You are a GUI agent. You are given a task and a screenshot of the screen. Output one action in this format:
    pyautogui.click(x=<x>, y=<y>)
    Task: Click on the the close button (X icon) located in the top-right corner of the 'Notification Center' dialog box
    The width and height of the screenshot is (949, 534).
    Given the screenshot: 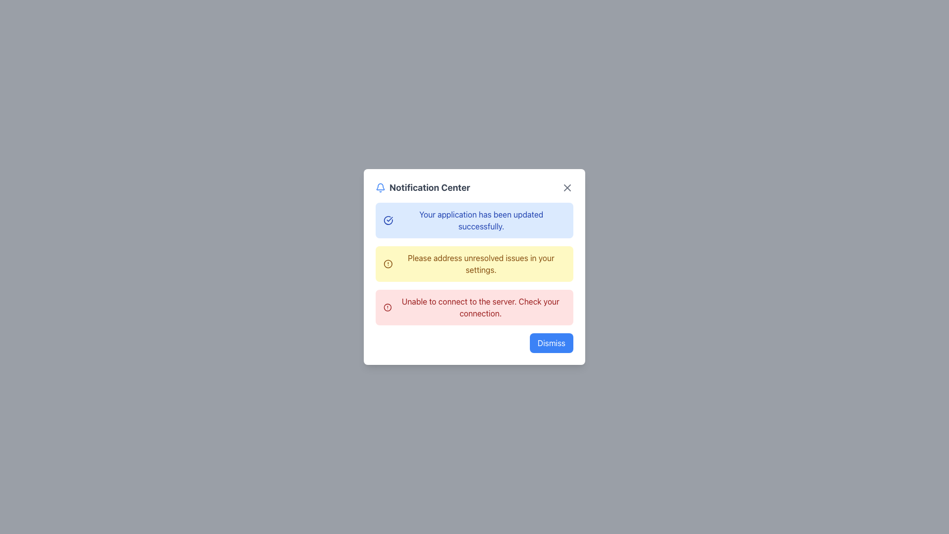 What is the action you would take?
    pyautogui.click(x=567, y=188)
    